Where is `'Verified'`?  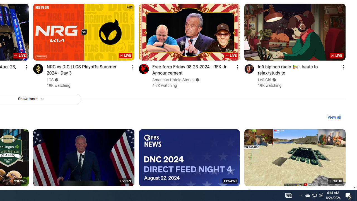
'Verified' is located at coordinates (274, 80).